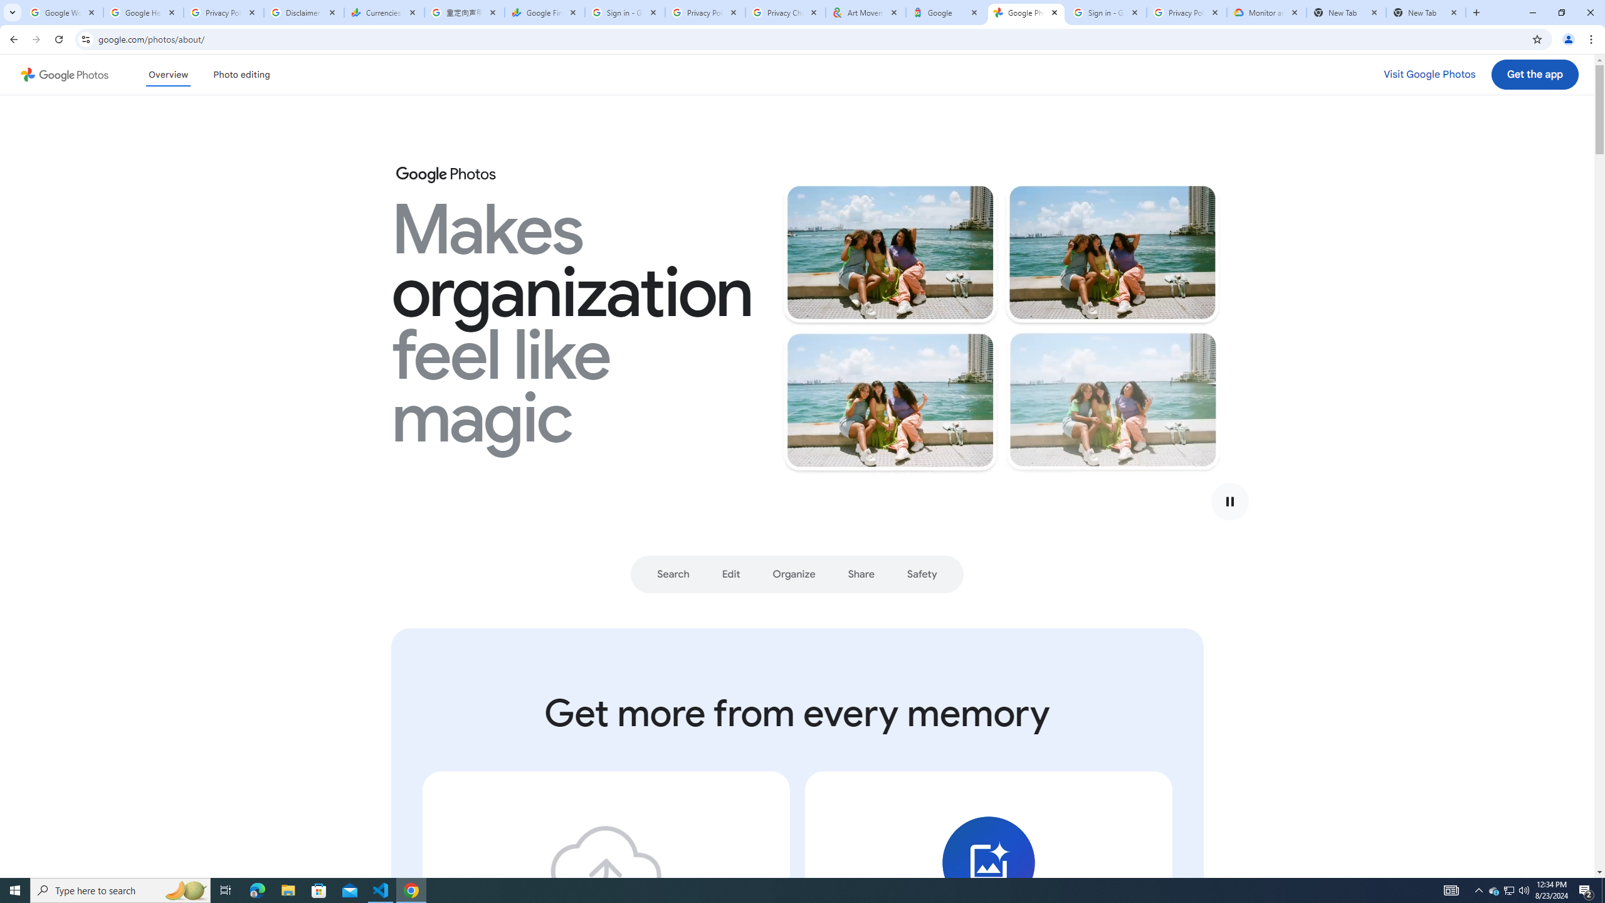  What do you see at coordinates (987, 862) in the screenshot?
I see `'A photo icon with sparkle indicating AI capability.'` at bounding box center [987, 862].